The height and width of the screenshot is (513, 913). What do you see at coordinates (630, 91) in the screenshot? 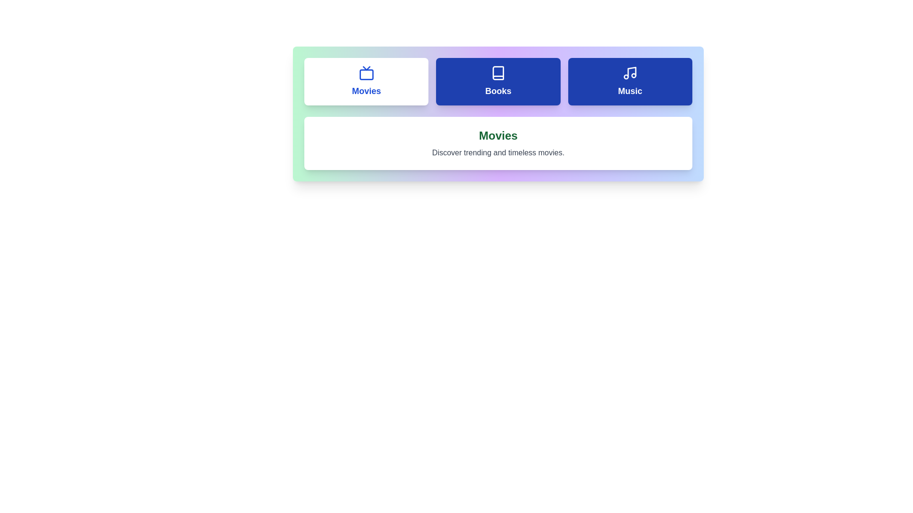
I see `the 'Music' text label that visually identifies the music section, located beneath the music note icon` at bounding box center [630, 91].